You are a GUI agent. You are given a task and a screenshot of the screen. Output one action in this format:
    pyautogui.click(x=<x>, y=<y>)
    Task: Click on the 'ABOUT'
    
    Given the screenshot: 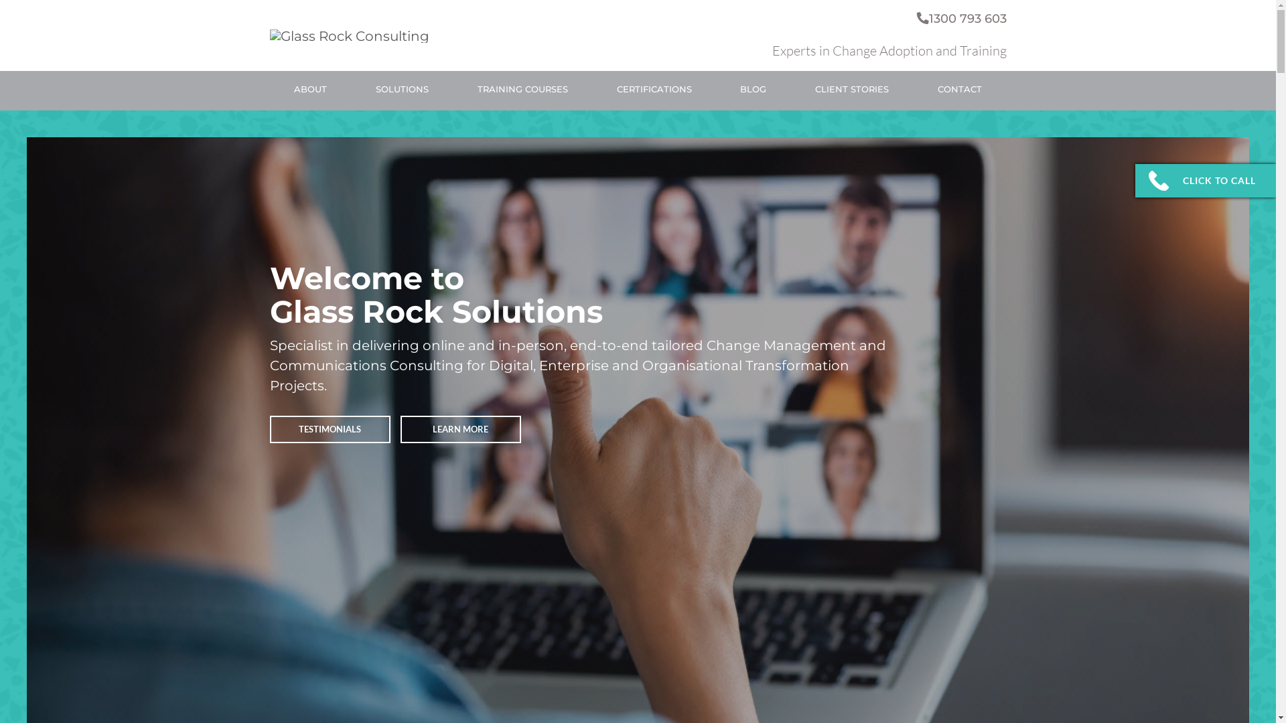 What is the action you would take?
    pyautogui.click(x=309, y=90)
    